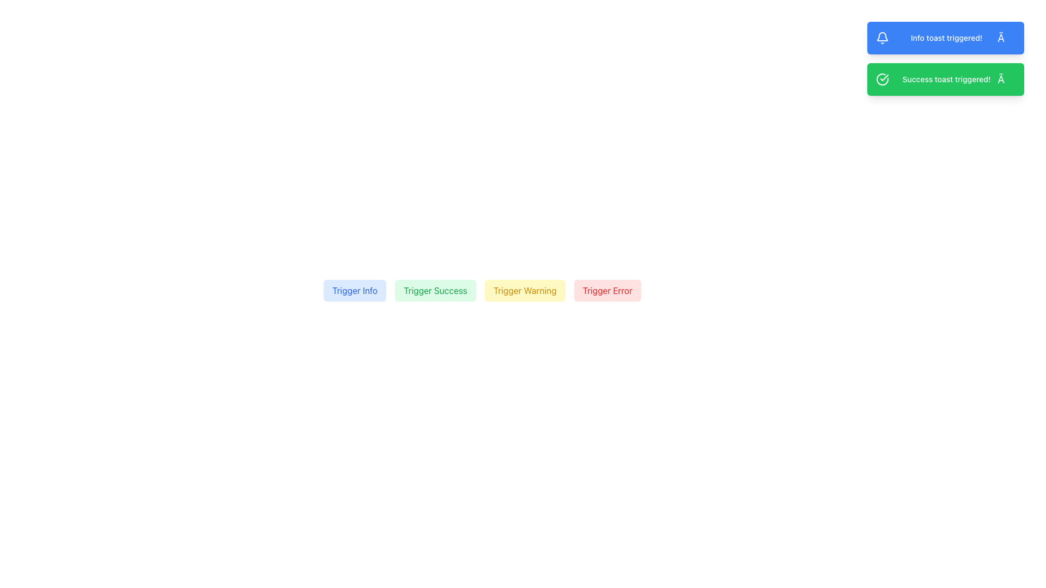  What do you see at coordinates (946, 37) in the screenshot?
I see `the main text display in the notification box that shows the message 'Info toast triggered!'` at bounding box center [946, 37].